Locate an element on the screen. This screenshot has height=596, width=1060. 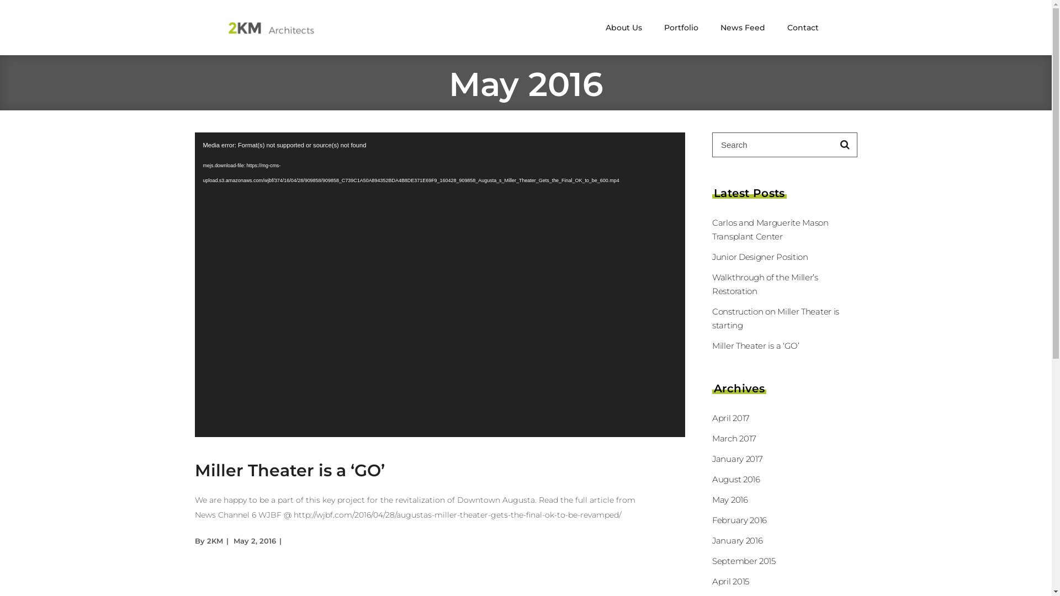
'August 2016' is located at coordinates (736, 478).